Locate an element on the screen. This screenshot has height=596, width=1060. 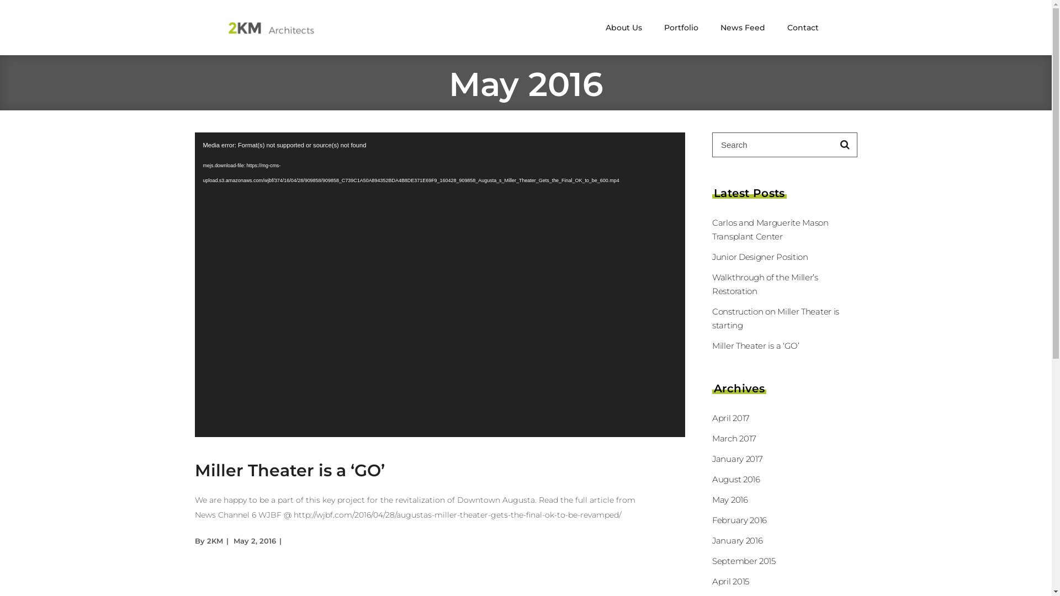
'August 2016' is located at coordinates (736, 478).